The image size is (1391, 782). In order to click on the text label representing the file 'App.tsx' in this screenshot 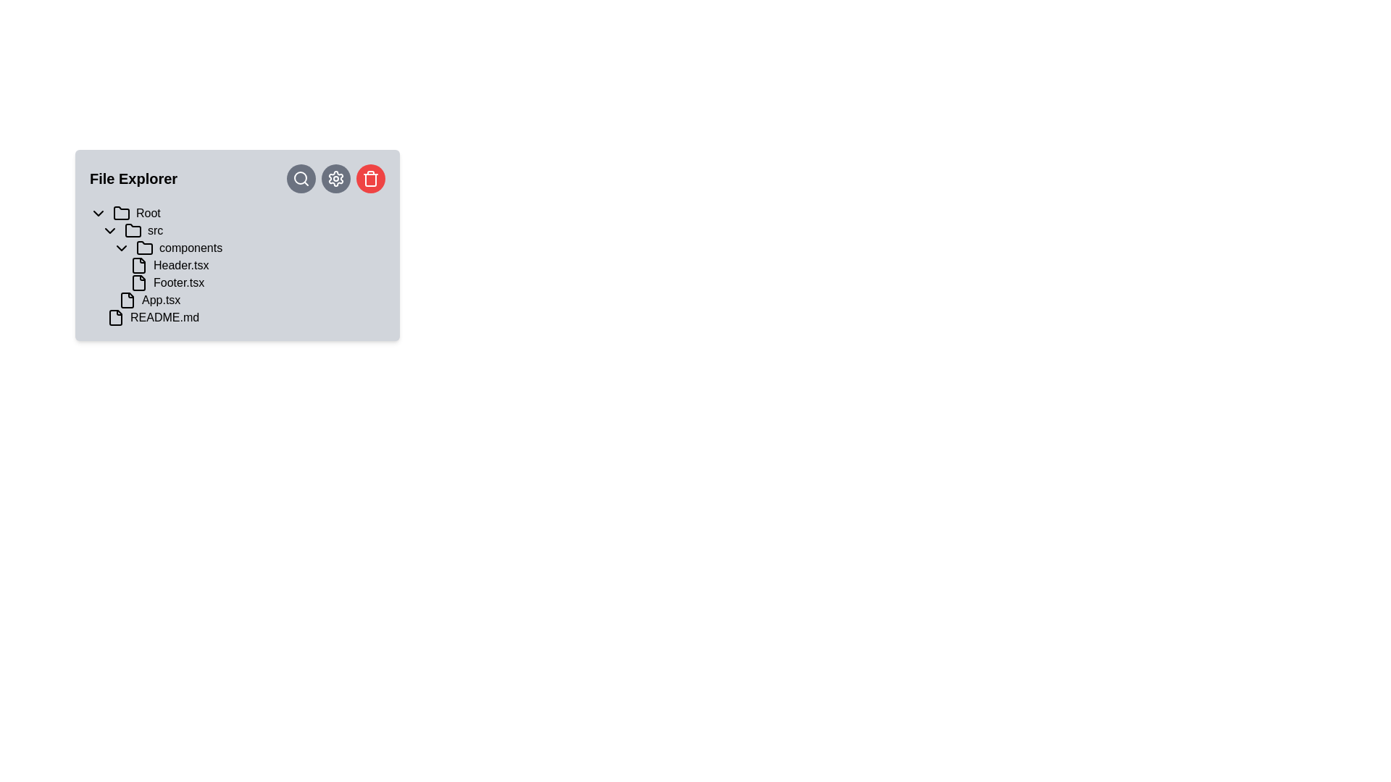, I will do `click(161, 300)`.